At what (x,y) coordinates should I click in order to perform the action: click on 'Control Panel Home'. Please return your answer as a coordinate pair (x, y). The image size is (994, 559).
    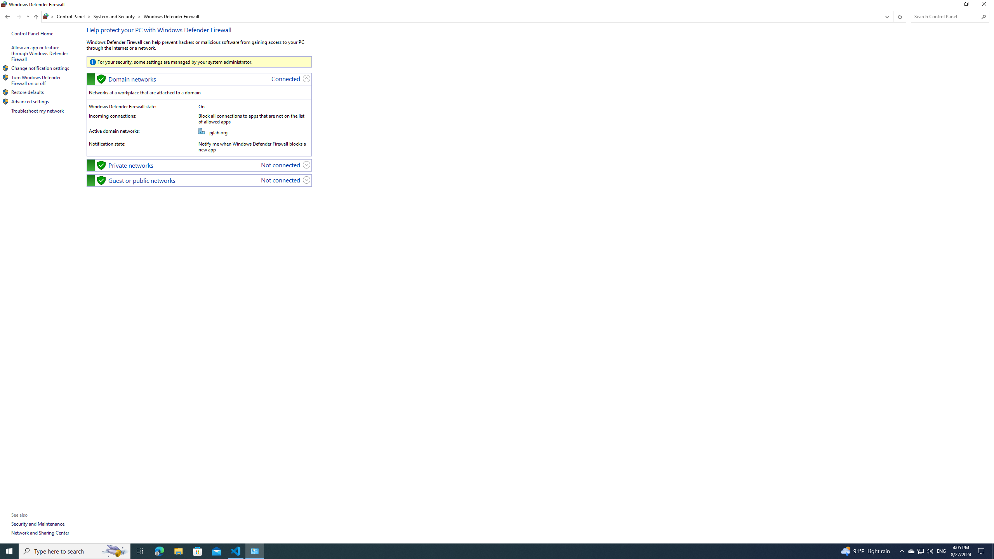
    Looking at the image, I should click on (32, 33).